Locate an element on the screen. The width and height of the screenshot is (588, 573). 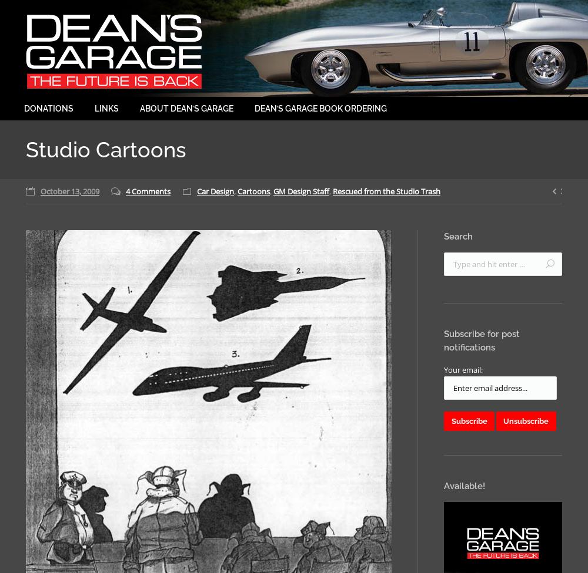
'Content is protected !!' is located at coordinates (276, 301).